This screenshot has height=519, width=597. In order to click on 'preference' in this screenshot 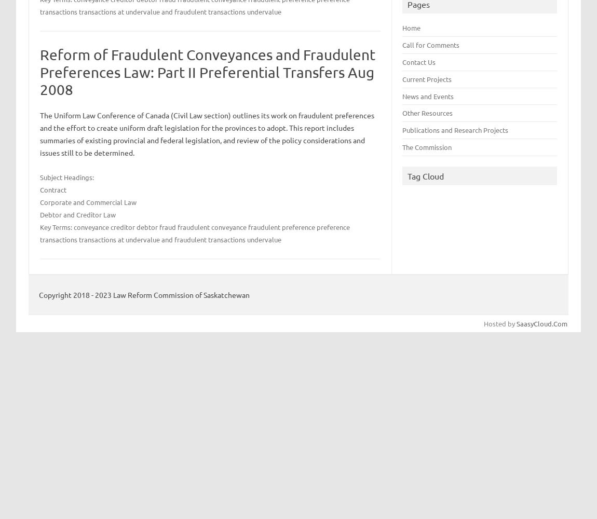, I will do `click(316, 226)`.